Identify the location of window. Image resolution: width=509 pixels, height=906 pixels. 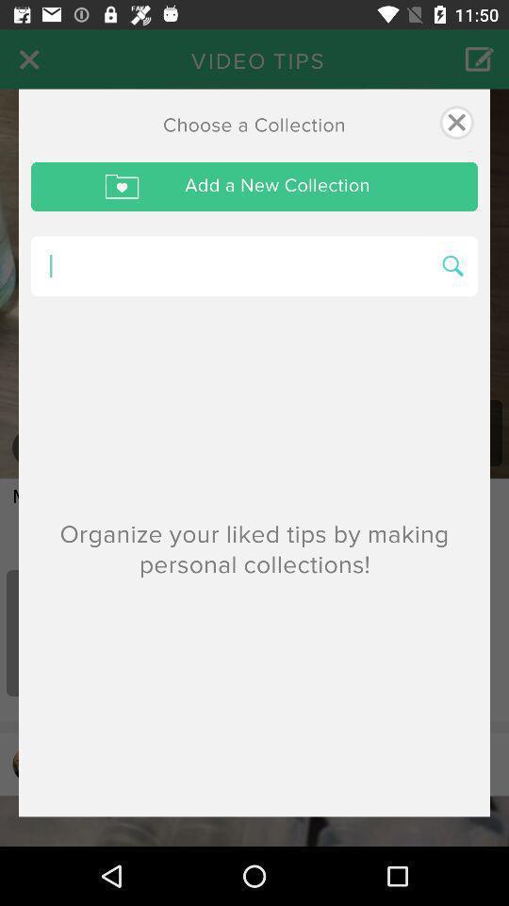
(455, 121).